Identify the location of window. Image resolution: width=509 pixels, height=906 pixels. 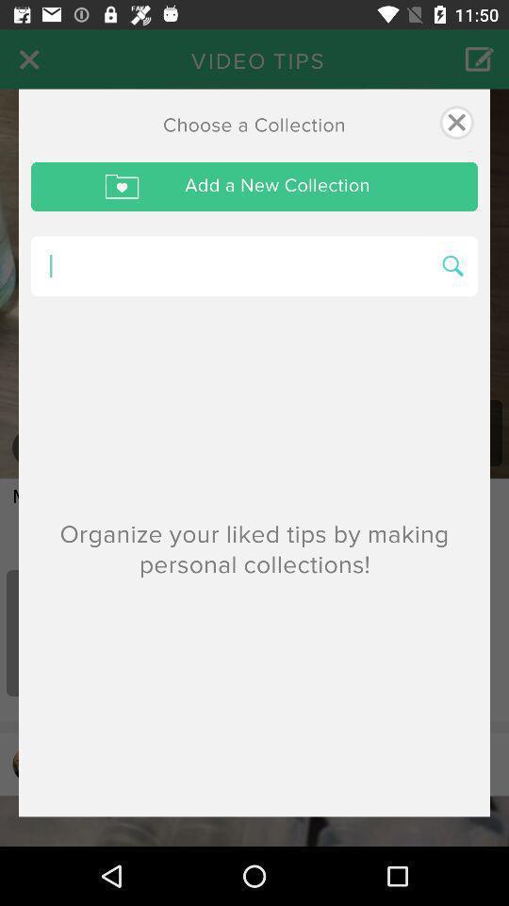
(455, 121).